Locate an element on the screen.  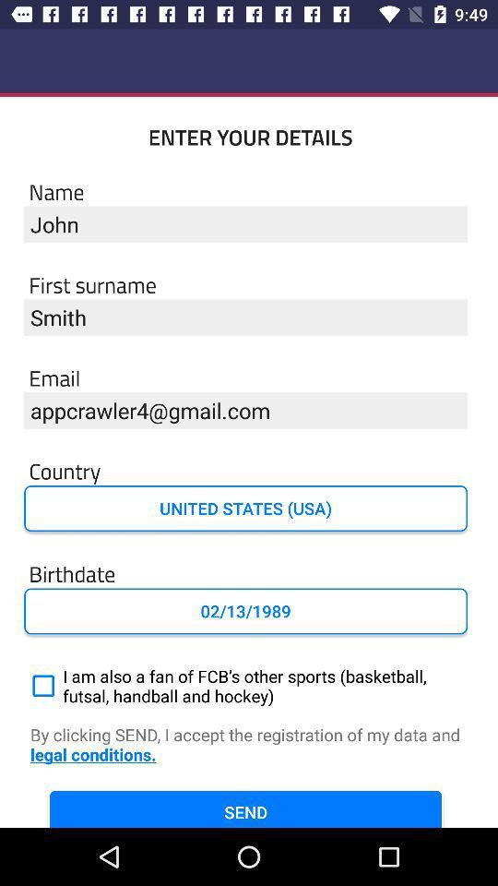
the item below first surname is located at coordinates (245, 317).